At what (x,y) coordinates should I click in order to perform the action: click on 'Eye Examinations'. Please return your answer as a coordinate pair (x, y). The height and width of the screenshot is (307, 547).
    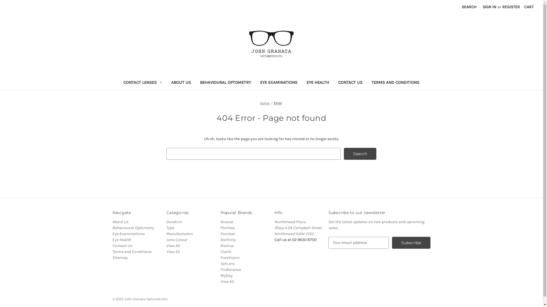
    Looking at the image, I should click on (128, 234).